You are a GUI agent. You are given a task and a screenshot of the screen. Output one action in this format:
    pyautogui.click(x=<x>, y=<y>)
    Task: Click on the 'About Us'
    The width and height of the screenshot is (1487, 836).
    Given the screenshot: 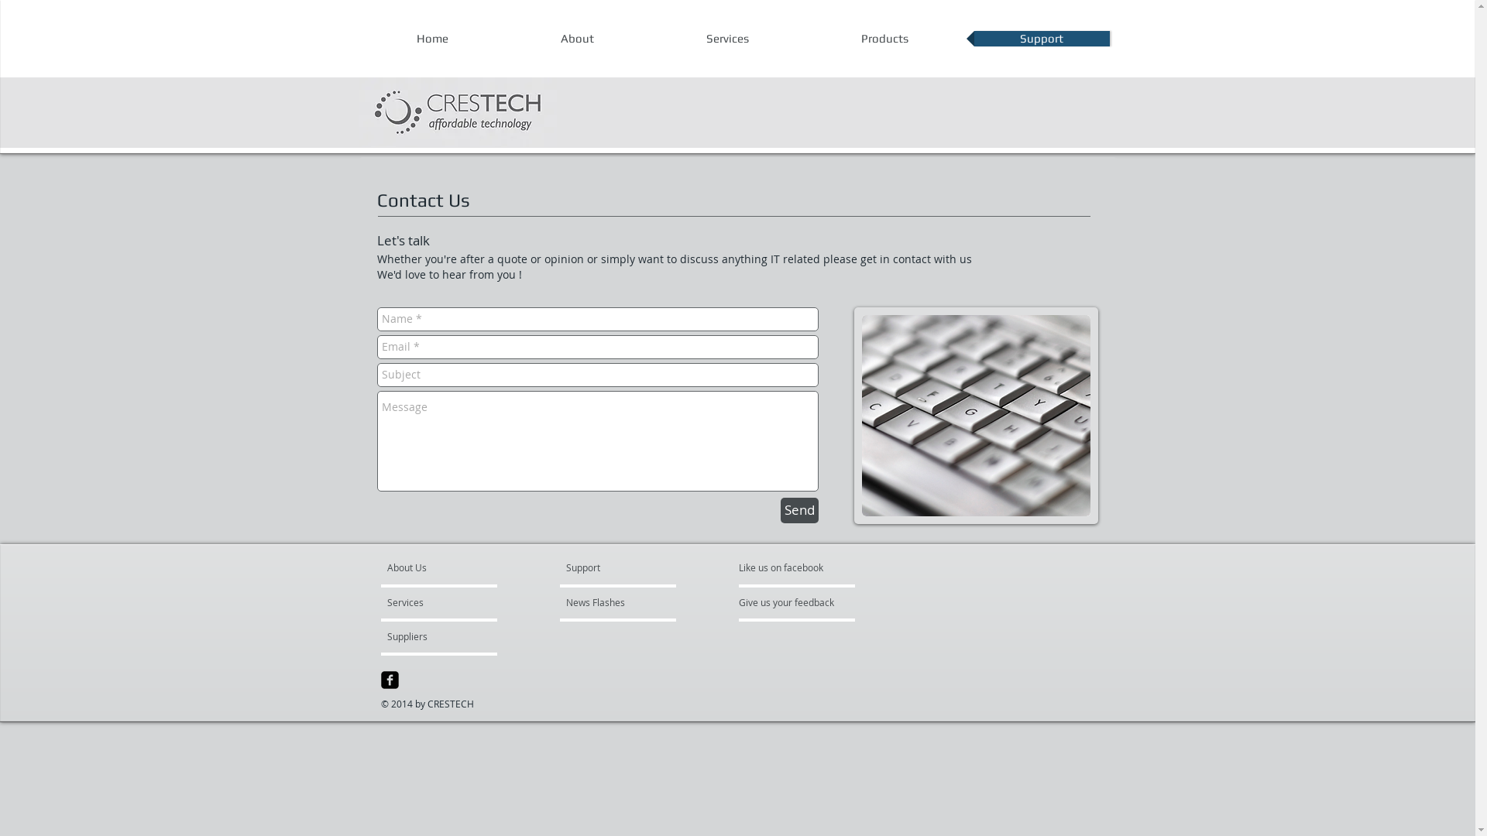 What is the action you would take?
    pyautogui.click(x=445, y=567)
    